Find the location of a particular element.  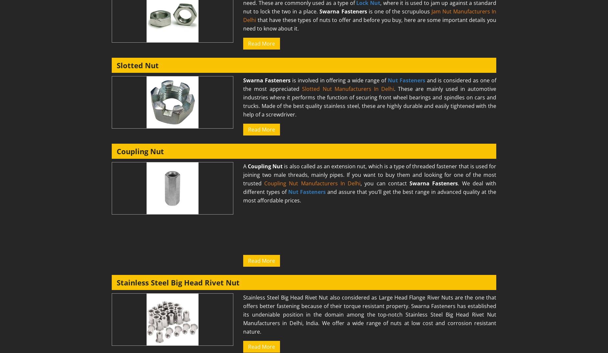

'Jam Nut Manufacturers In Delhi' is located at coordinates (243, 15).